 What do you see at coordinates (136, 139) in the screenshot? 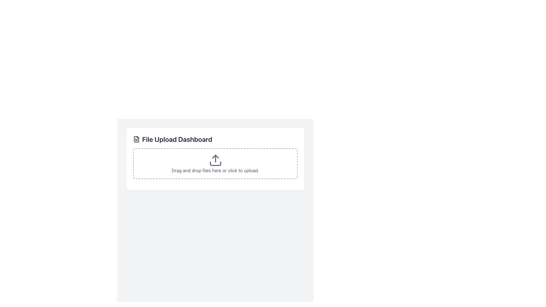
I see `the decorative icon representing a file or document, located to the left of the 'File Upload Dashboard' text` at bounding box center [136, 139].